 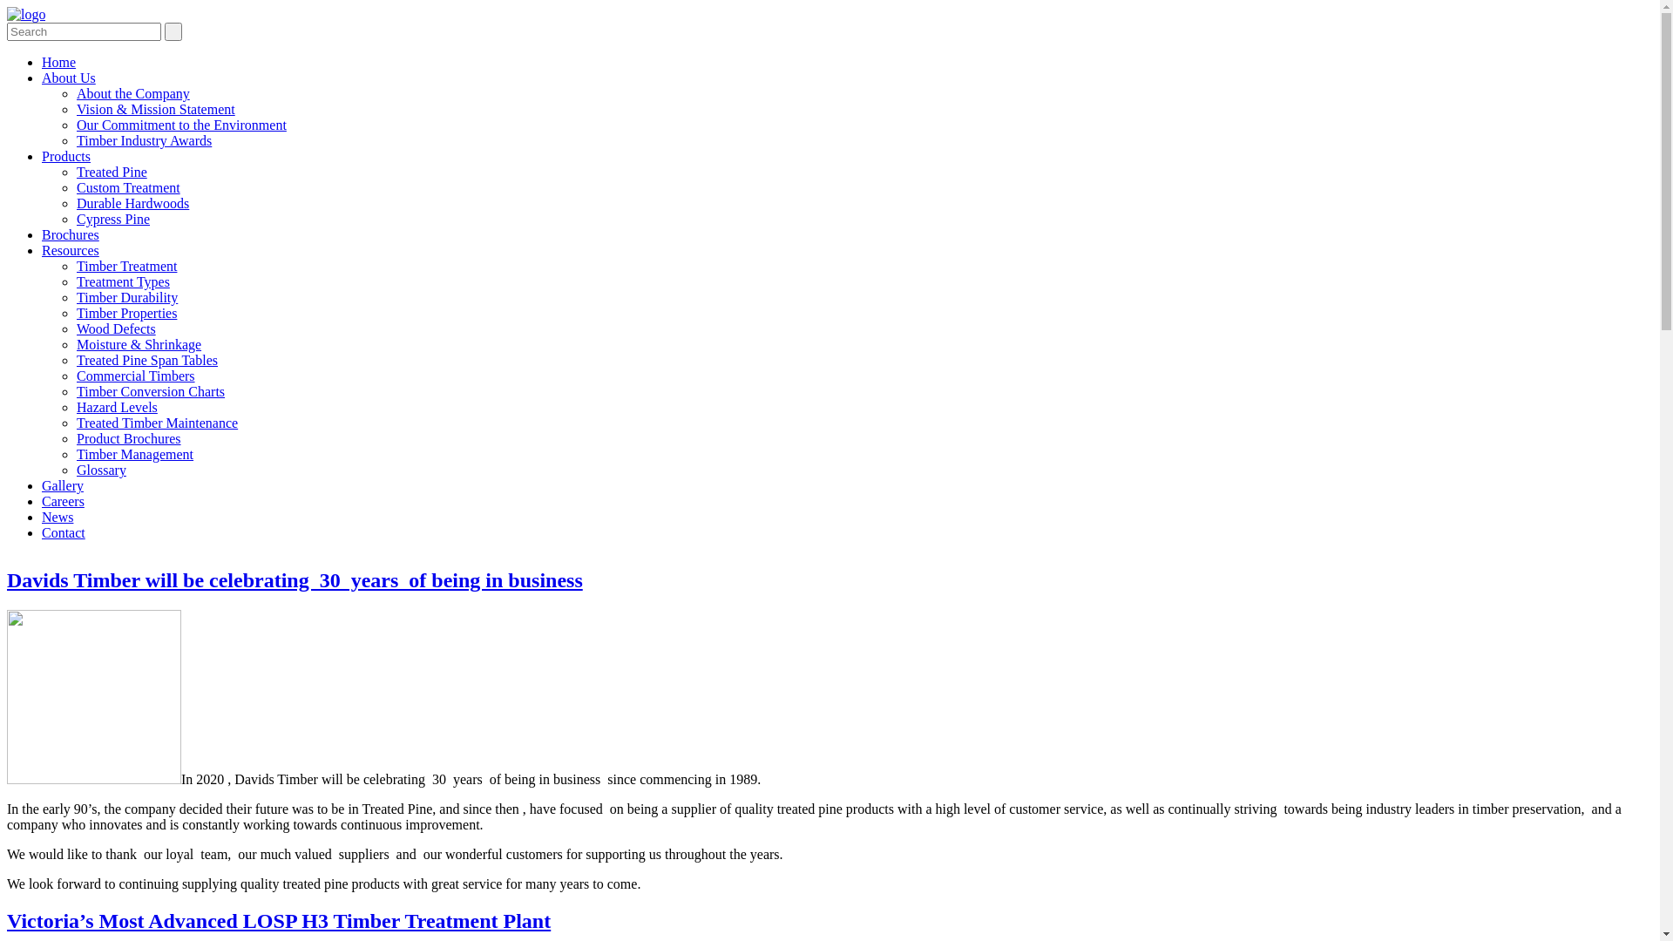 I want to click on 'Home', so click(x=58, y=61).